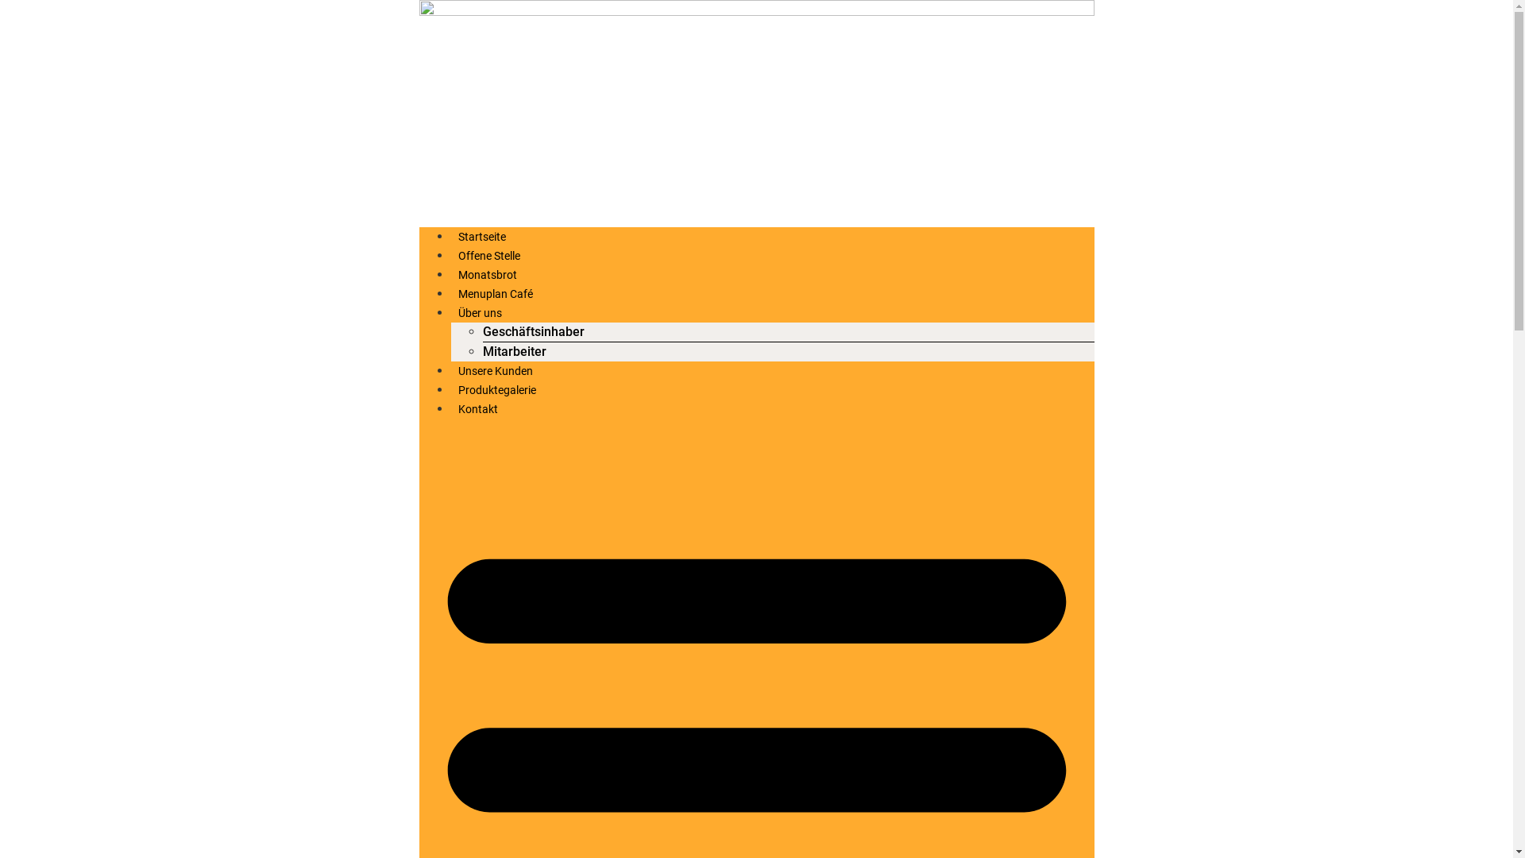 Image resolution: width=1525 pixels, height=858 pixels. Describe the element at coordinates (496, 389) in the screenshot. I see `'Produktegalerie'` at that location.